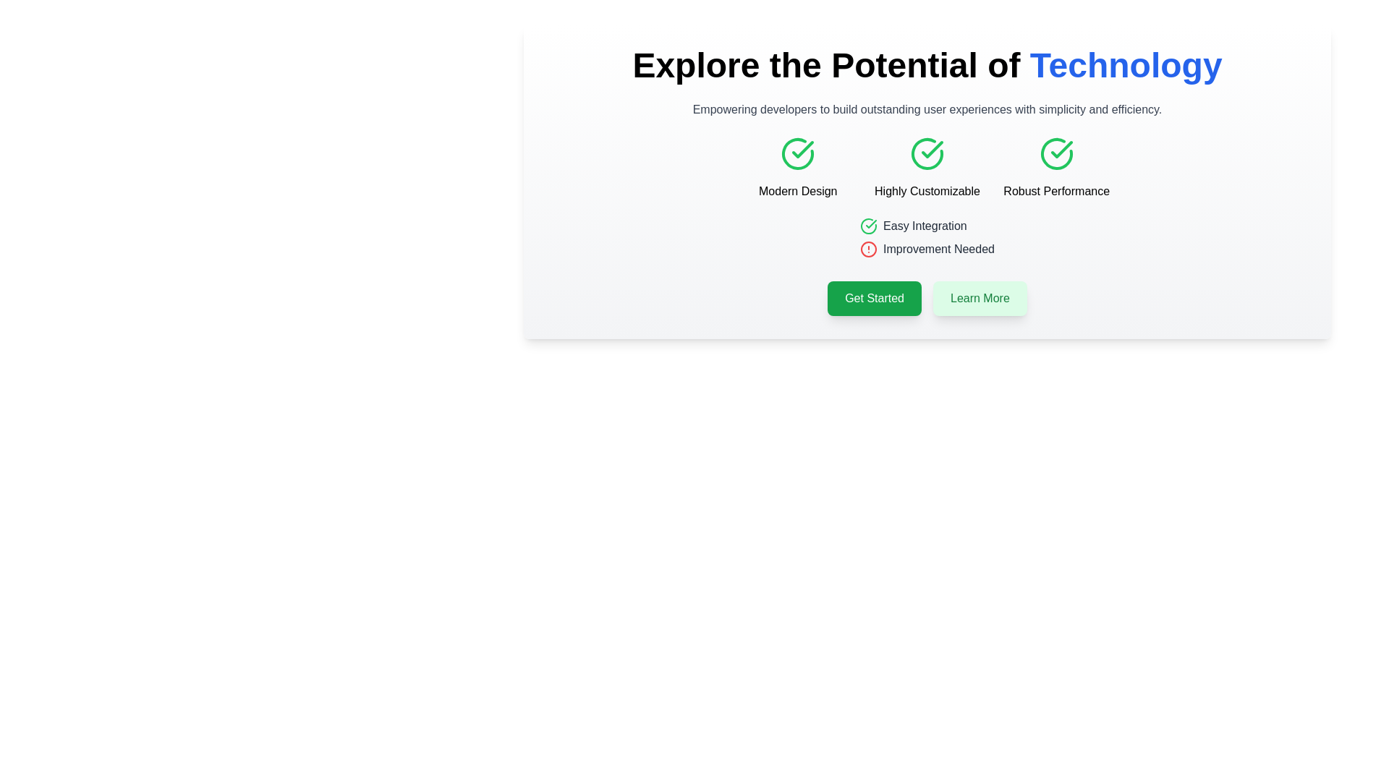 The width and height of the screenshot is (1389, 781). What do you see at coordinates (1125, 65) in the screenshot?
I see `the emphasized word 'Technology' in the headline 'Explore the Potential of Technology' by moving the cursor to its position` at bounding box center [1125, 65].